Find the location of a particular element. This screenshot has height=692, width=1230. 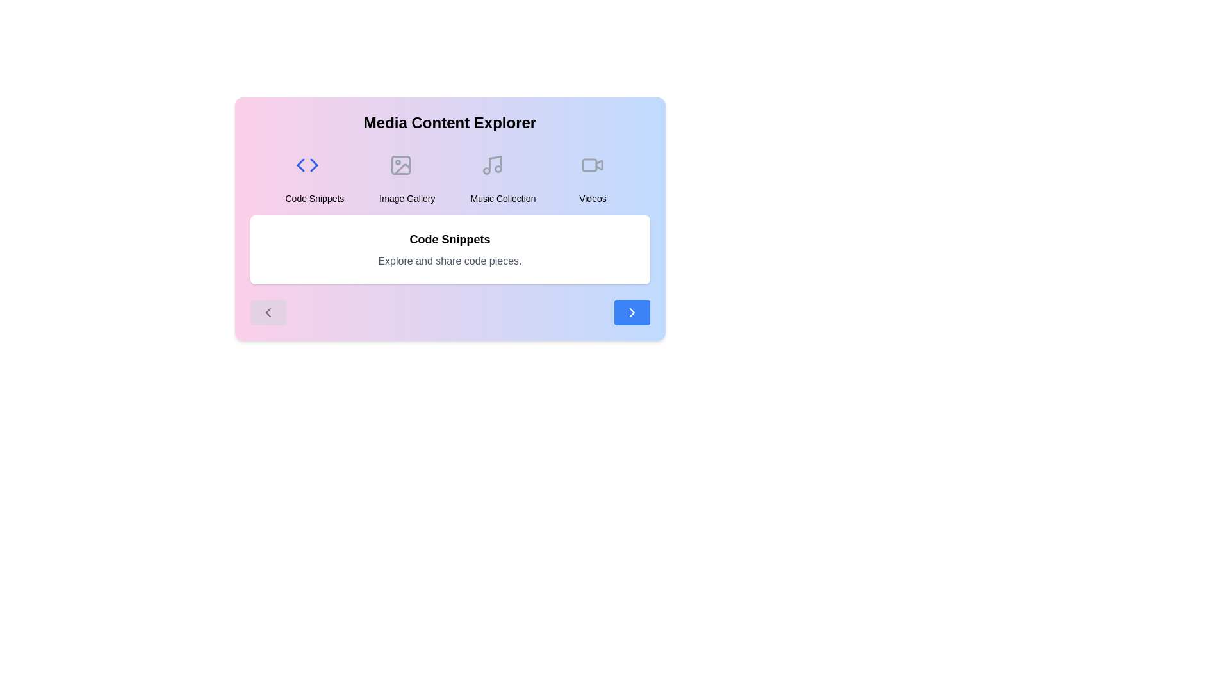

the content category Music Collection by clicking on its respective button is located at coordinates (502, 174).